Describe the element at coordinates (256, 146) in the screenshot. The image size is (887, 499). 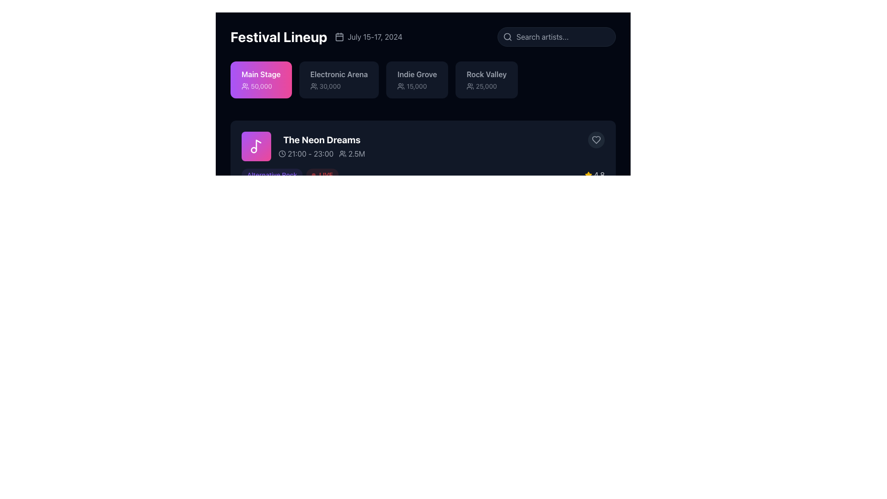
I see `the icon associated with the text 'The Neon Dreams' to interact with the related event` at that location.